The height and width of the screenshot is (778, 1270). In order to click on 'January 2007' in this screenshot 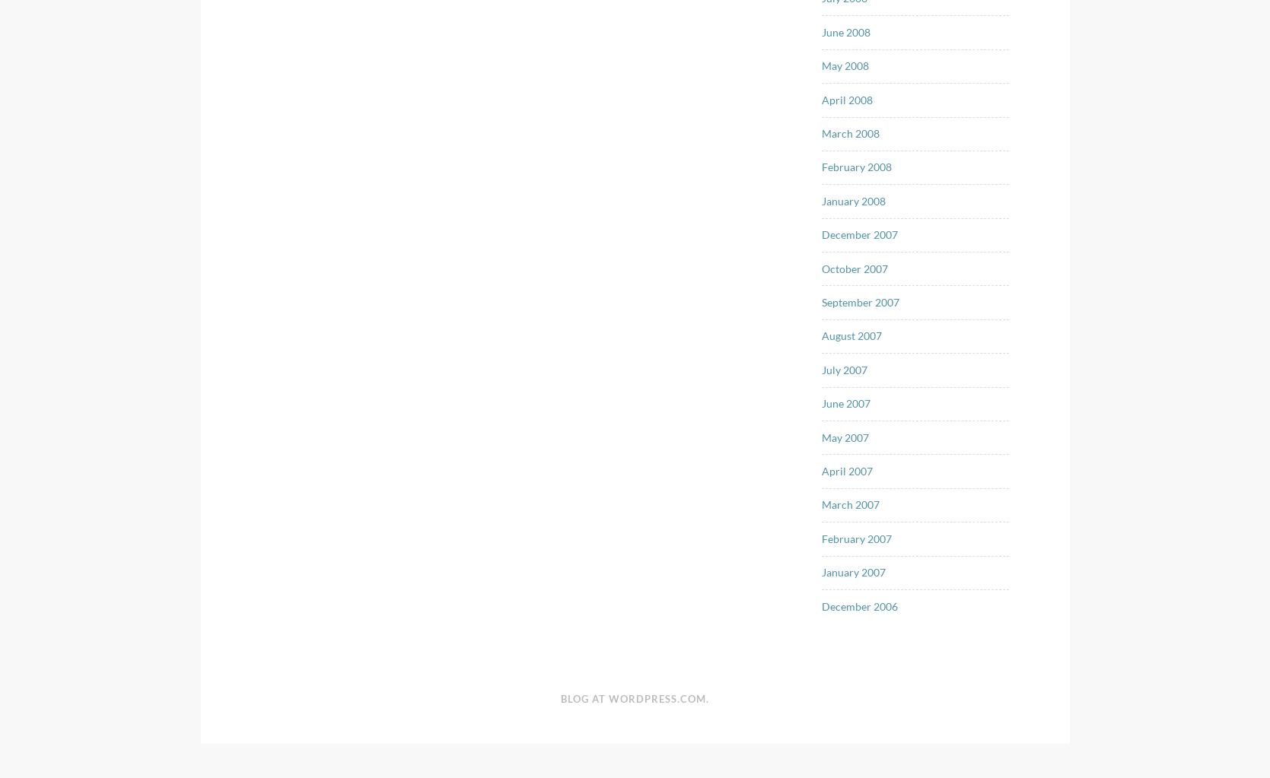, I will do `click(854, 571)`.